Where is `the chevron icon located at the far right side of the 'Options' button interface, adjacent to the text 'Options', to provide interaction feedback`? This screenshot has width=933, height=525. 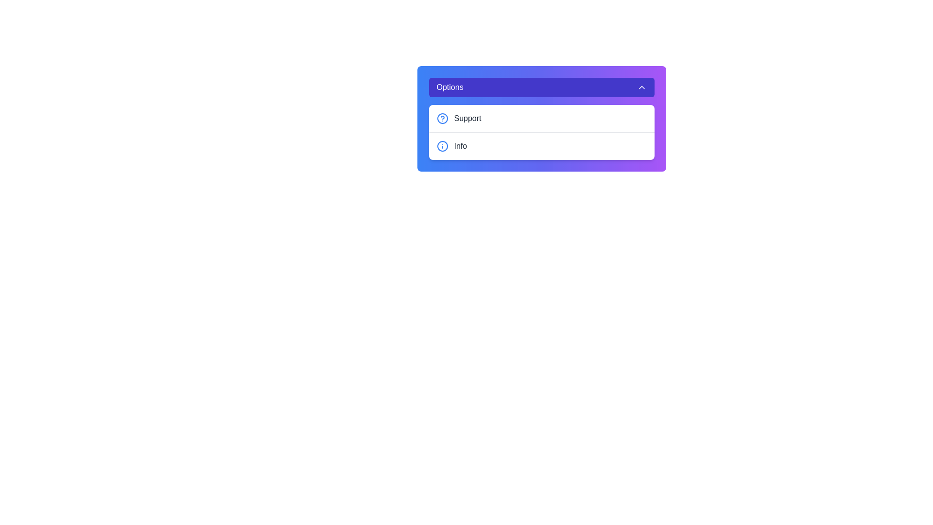
the chevron icon located at the far right side of the 'Options' button interface, adjacent to the text 'Options', to provide interaction feedback is located at coordinates (641, 87).